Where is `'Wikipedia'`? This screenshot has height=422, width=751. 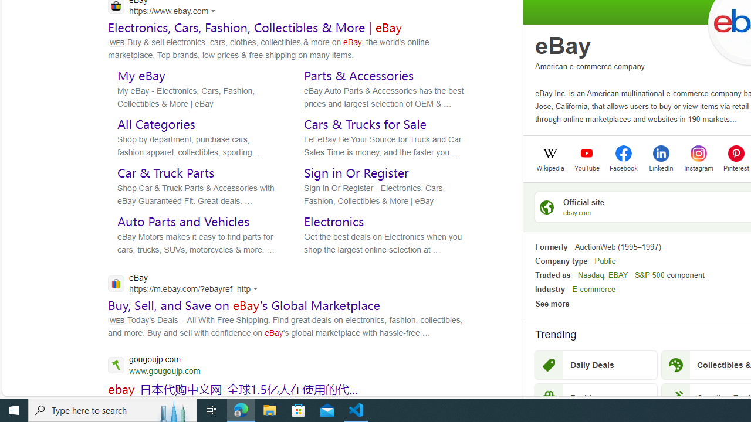 'Wikipedia' is located at coordinates (549, 167).